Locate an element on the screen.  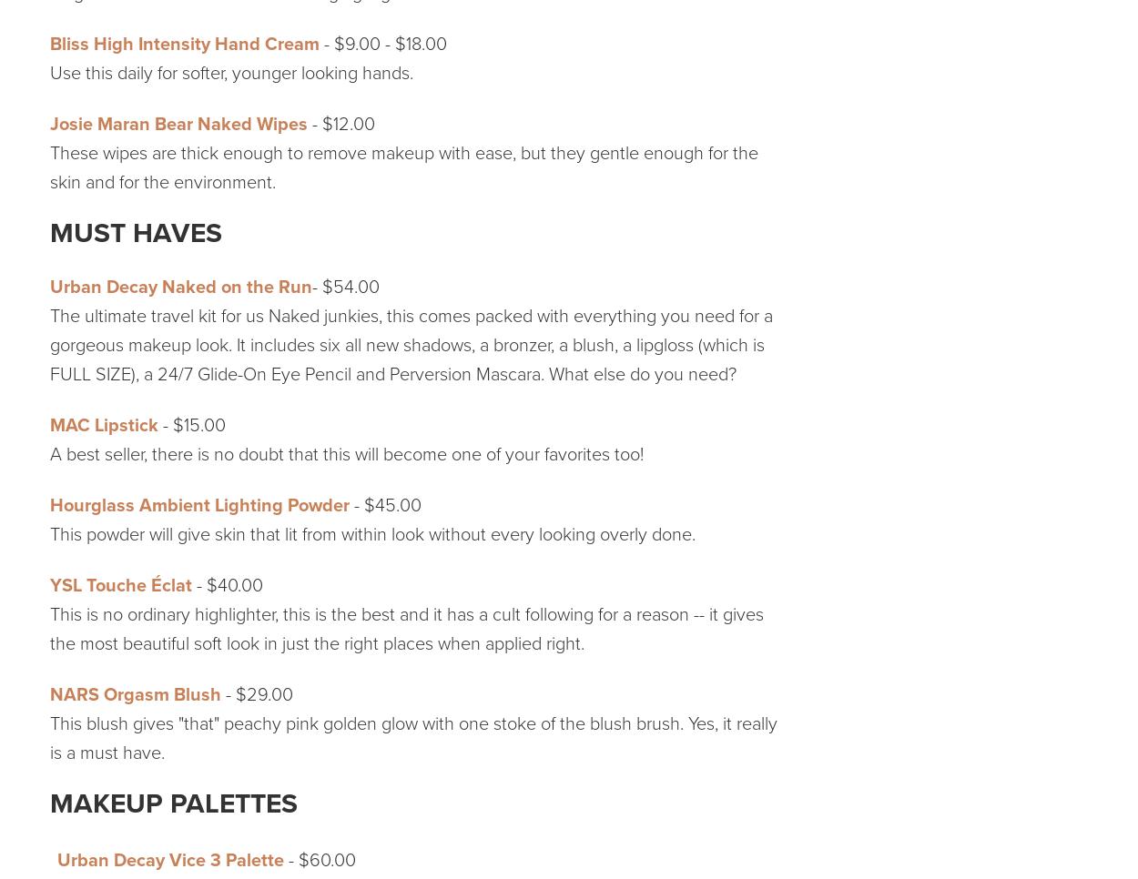
'Urban Decay Naked on the Run' is located at coordinates (180, 287).